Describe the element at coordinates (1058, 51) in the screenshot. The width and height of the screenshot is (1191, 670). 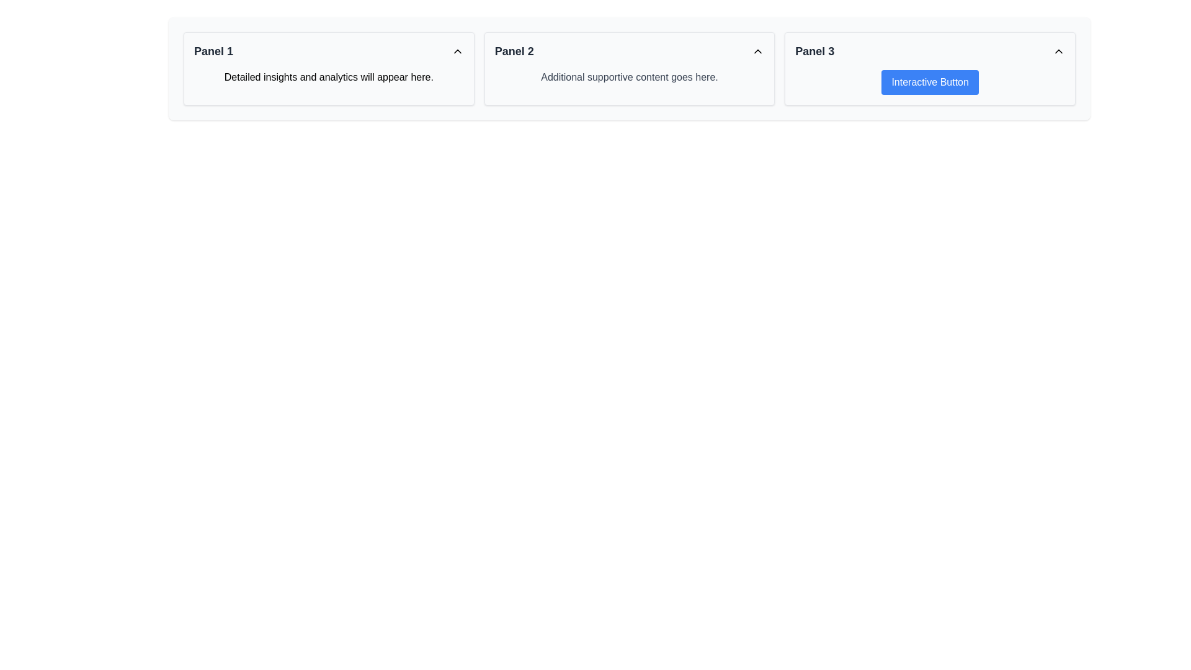
I see `the chevron icon located at the rightmost part of the header bar of 'Panel 3'` at that location.